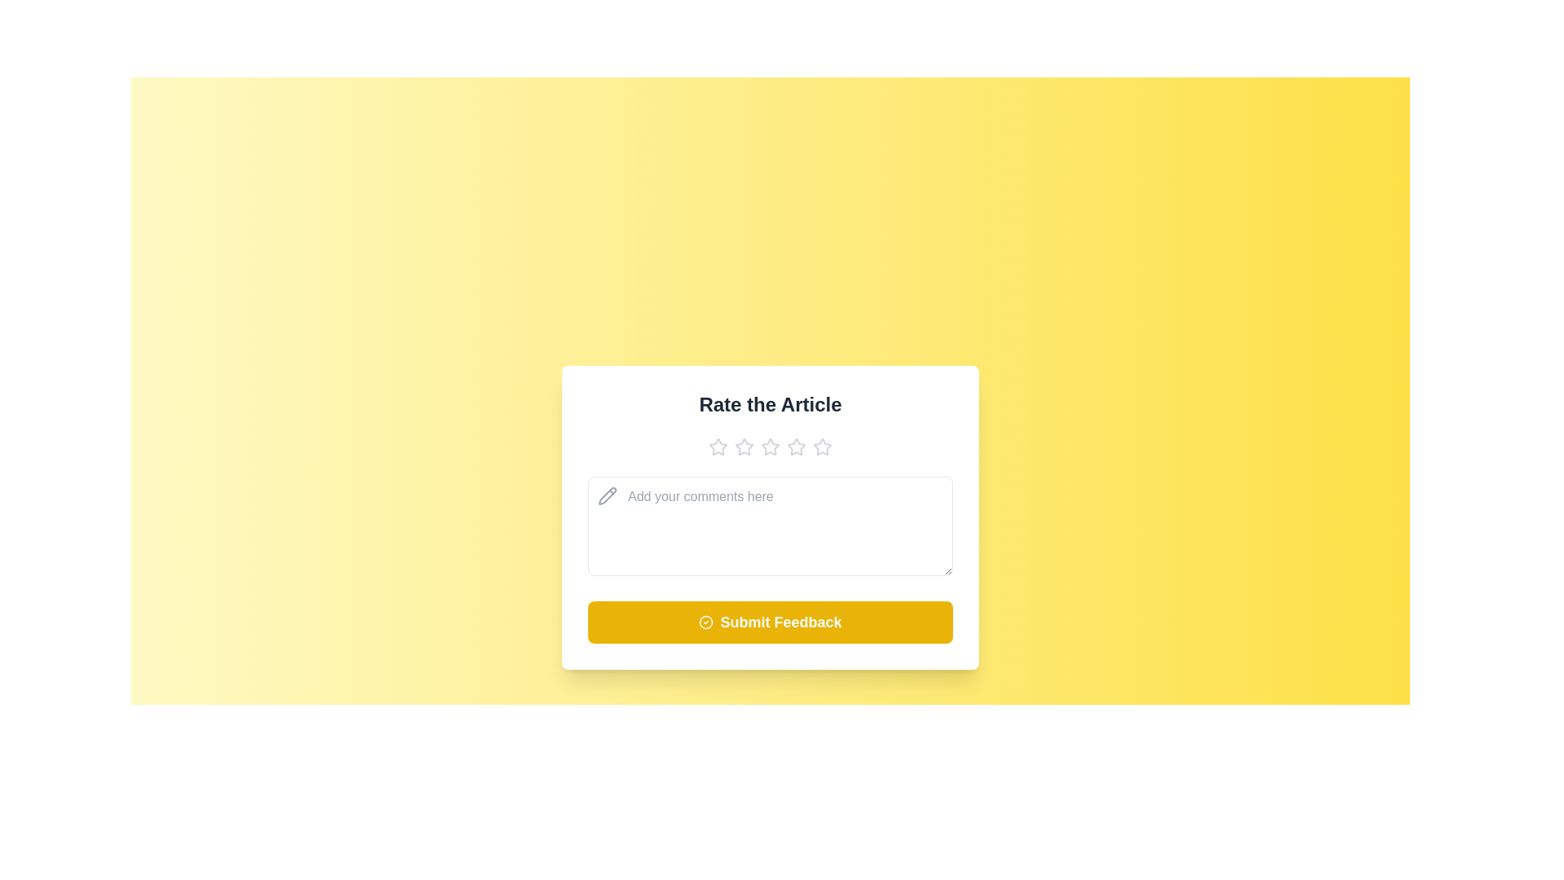  What do you see at coordinates (822, 446) in the screenshot?
I see `the fifth star icon used for ratings located centrally below the heading 'Rate the Article'` at bounding box center [822, 446].